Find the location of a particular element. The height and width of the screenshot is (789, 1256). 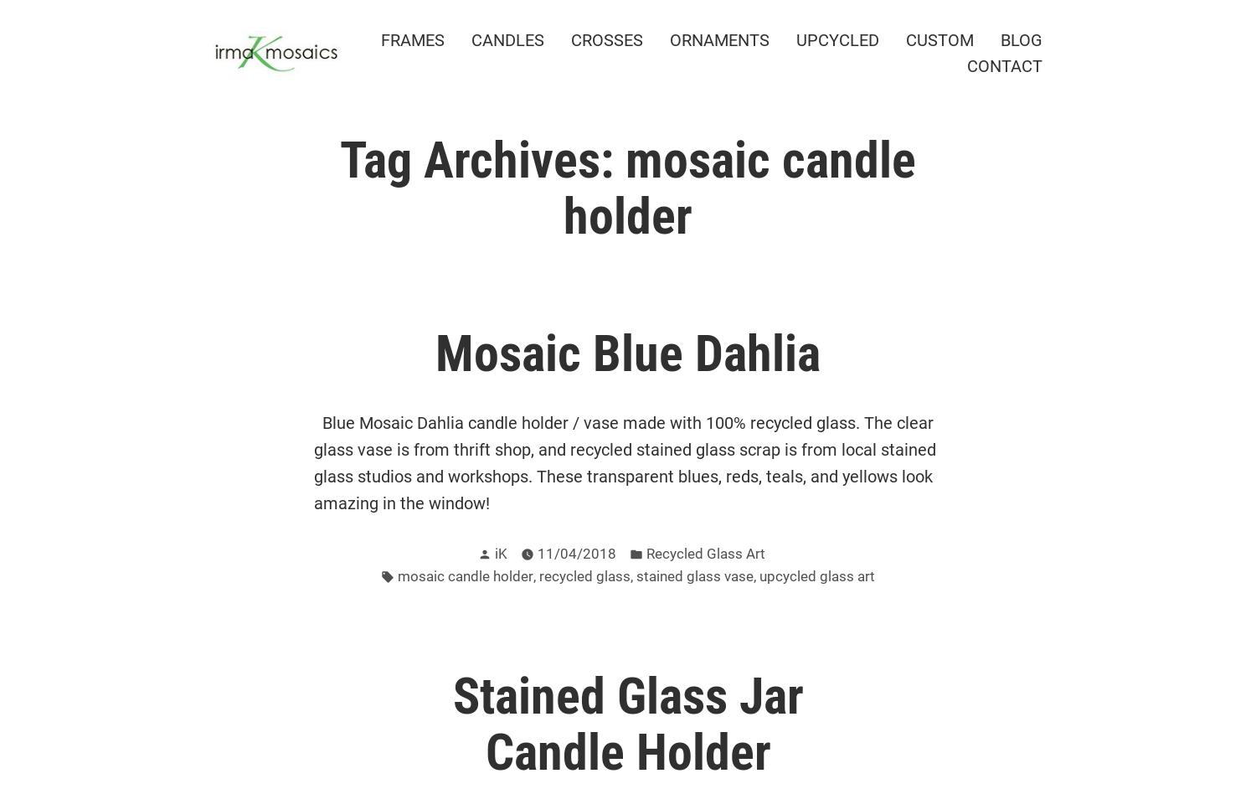

'BLOG' is located at coordinates (1020, 39).